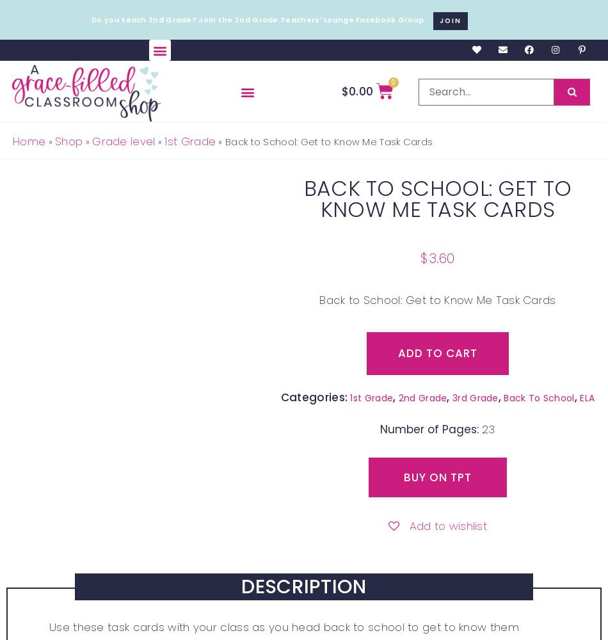 The width and height of the screenshot is (608, 640). Describe the element at coordinates (474, 397) in the screenshot. I see `'3rd Grade'` at that location.